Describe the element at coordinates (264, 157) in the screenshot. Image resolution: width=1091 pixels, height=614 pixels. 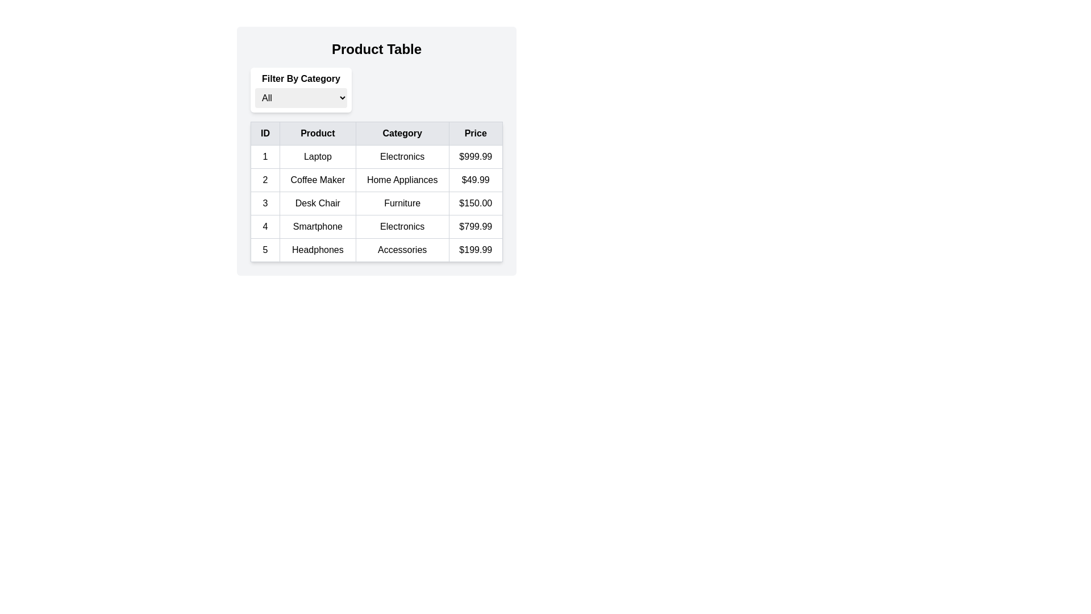
I see `the first cell of the table located under the 'ID' header, which identifies the first product entry with the value 'Laptop'` at that location.